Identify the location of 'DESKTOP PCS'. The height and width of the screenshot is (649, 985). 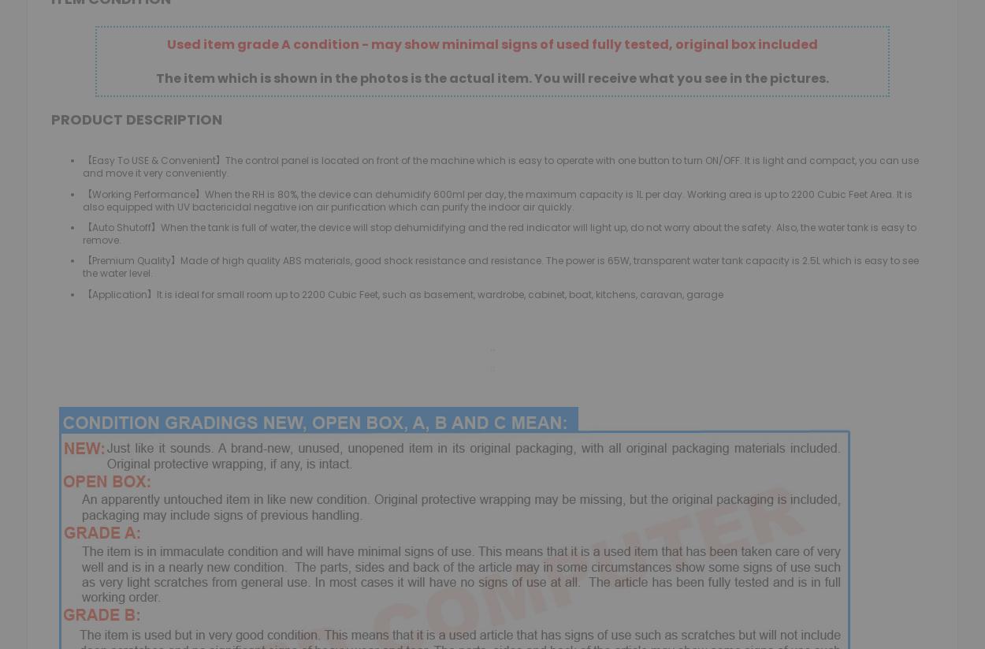
(325, 352).